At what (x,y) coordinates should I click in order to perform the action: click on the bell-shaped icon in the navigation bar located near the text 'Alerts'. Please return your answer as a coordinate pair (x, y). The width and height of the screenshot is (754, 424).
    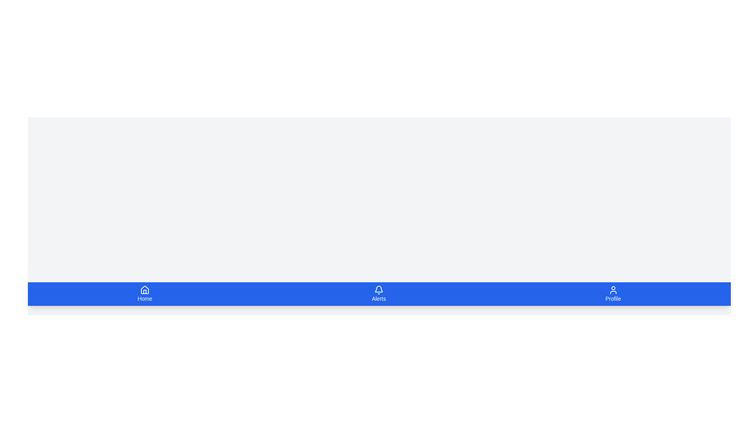
    Looking at the image, I should click on (379, 290).